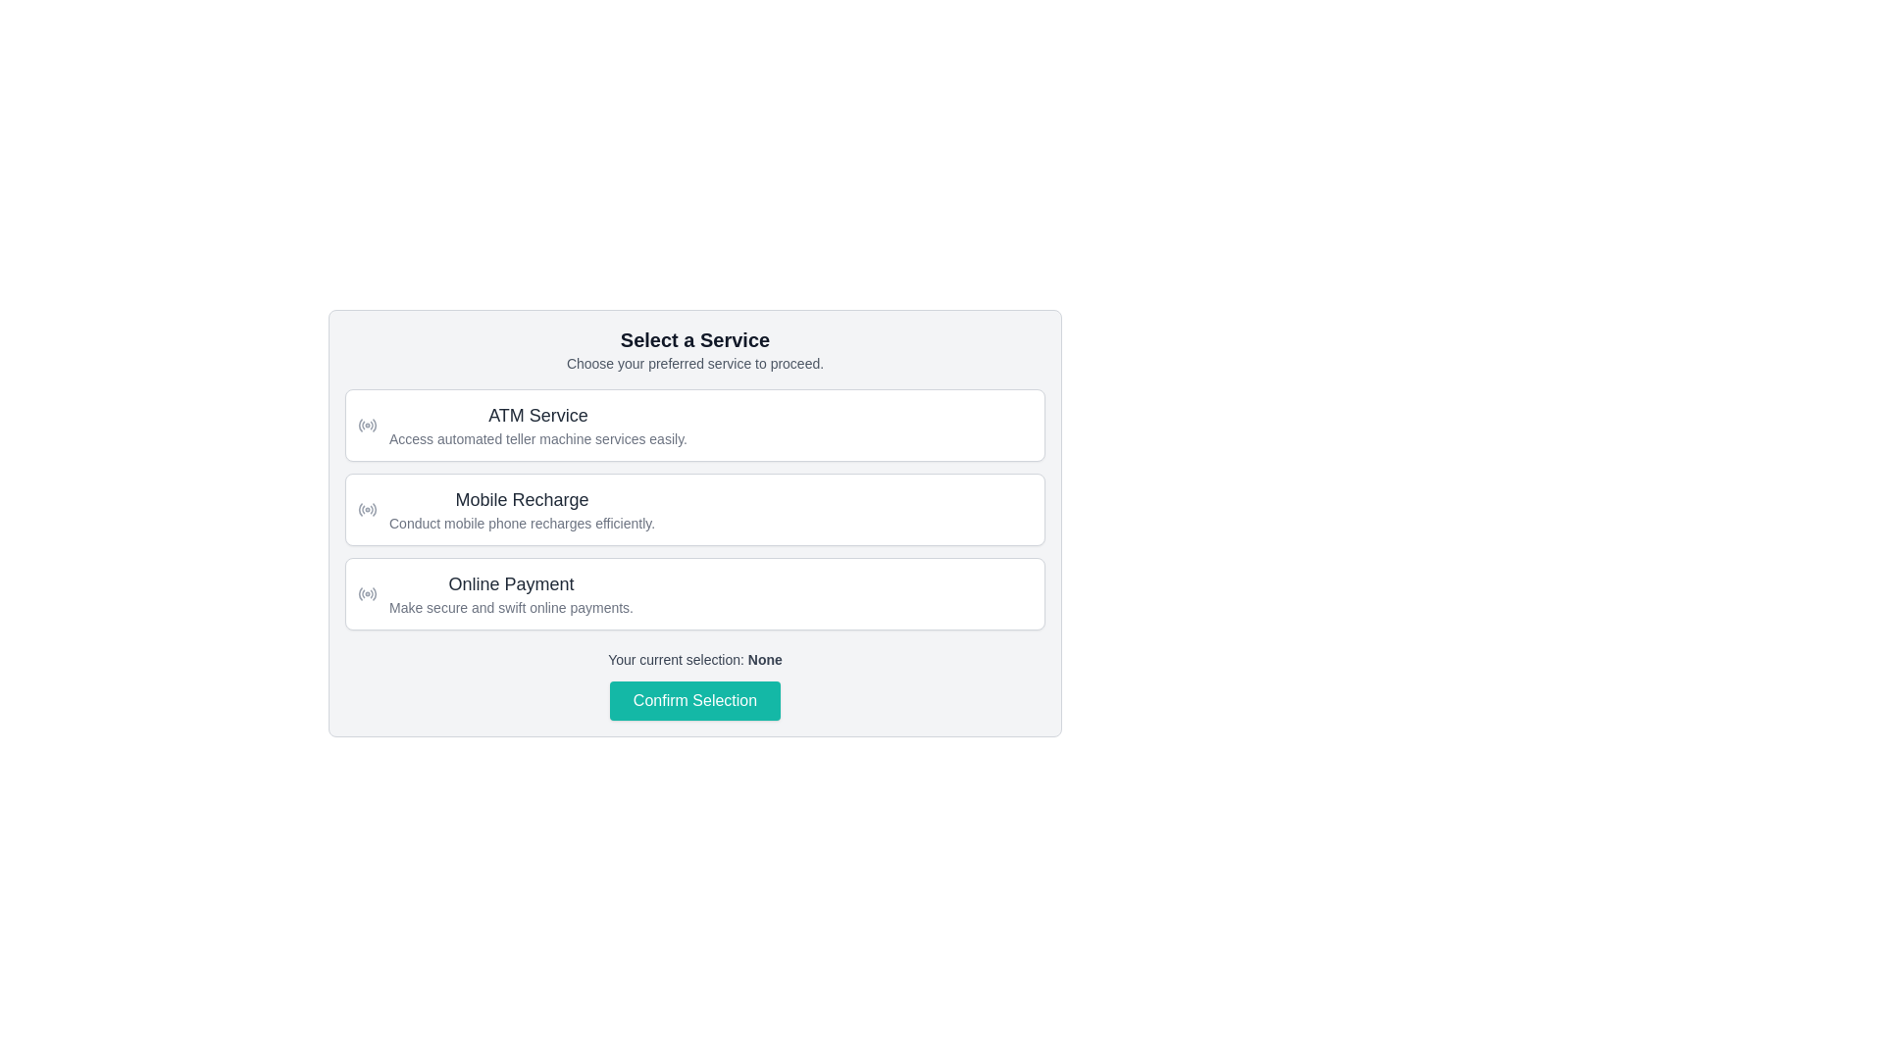  What do you see at coordinates (511, 592) in the screenshot?
I see `the 'Online Payment' label, which provides a title and additional details for users to understand the option's purpose, located in the vertical list of options` at bounding box center [511, 592].